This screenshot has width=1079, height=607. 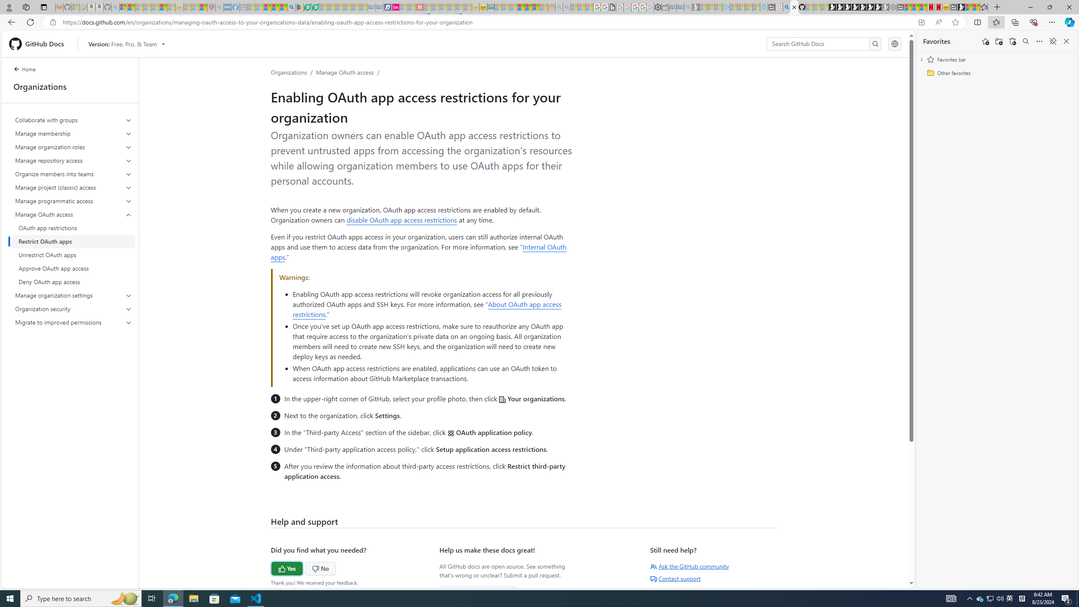 What do you see at coordinates (73, 147) in the screenshot?
I see `'Manage organization roles'` at bounding box center [73, 147].